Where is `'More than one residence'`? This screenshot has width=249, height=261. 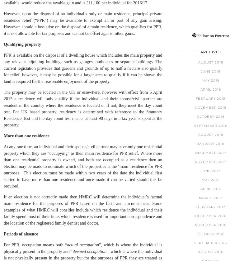 'More than one residence' is located at coordinates (26, 135).